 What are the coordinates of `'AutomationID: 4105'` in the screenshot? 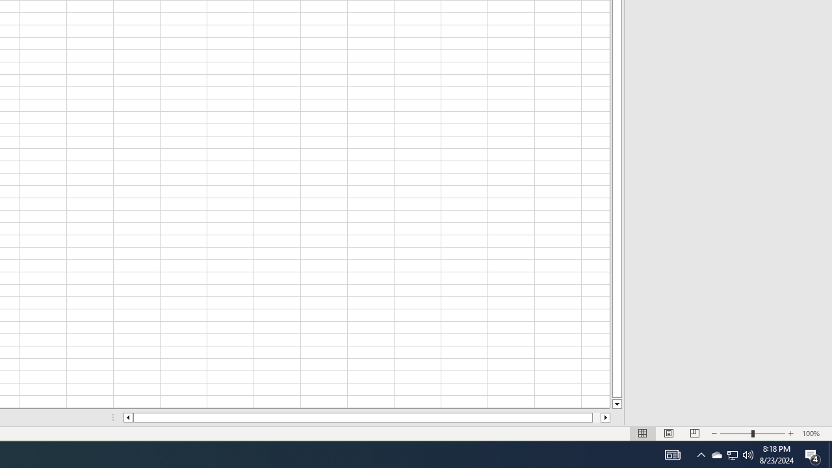 It's located at (672, 454).